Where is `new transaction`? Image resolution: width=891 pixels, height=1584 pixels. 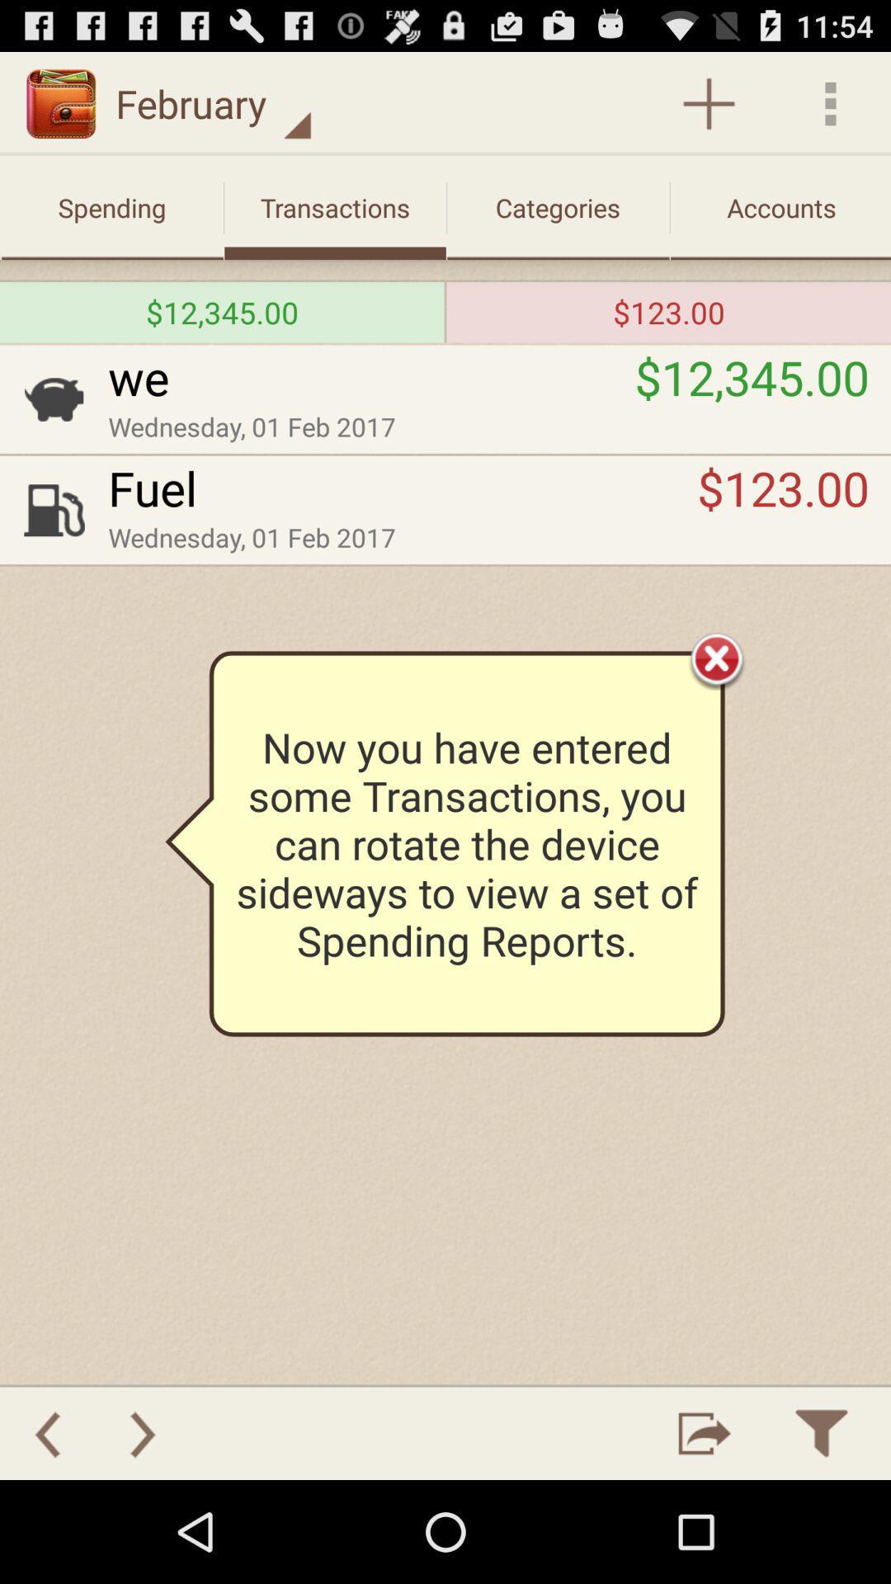
new transaction is located at coordinates (708, 102).